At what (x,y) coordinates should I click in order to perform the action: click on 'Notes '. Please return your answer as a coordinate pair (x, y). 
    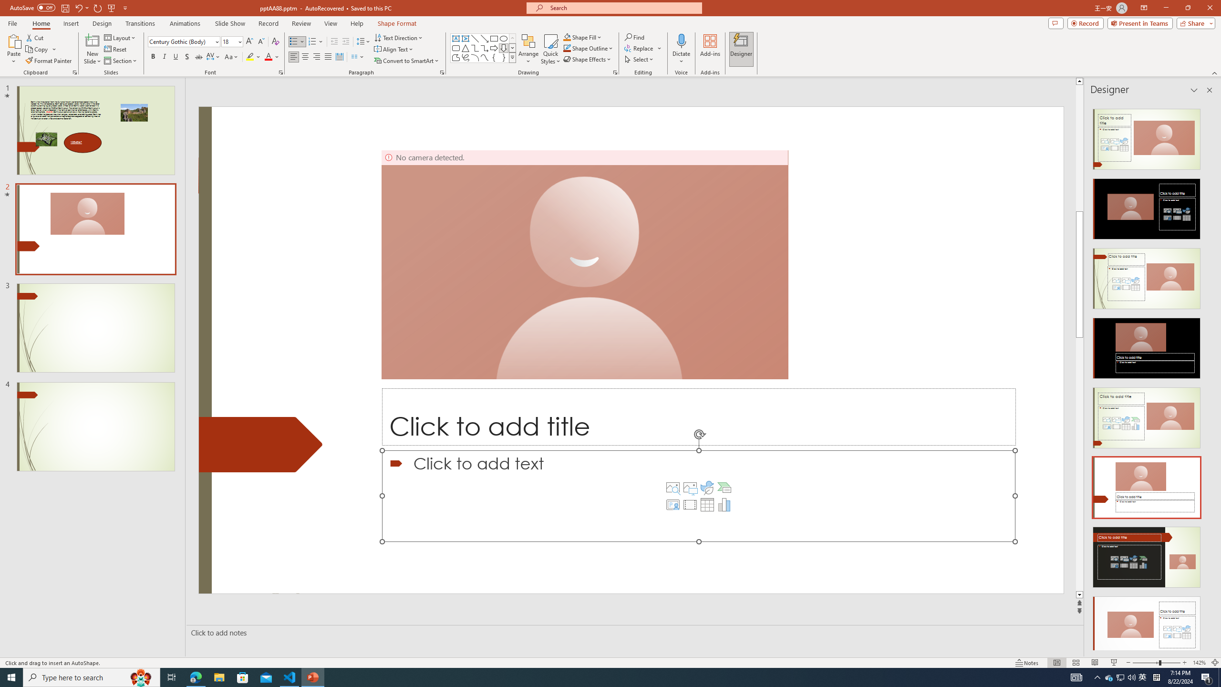
    Looking at the image, I should click on (1027, 663).